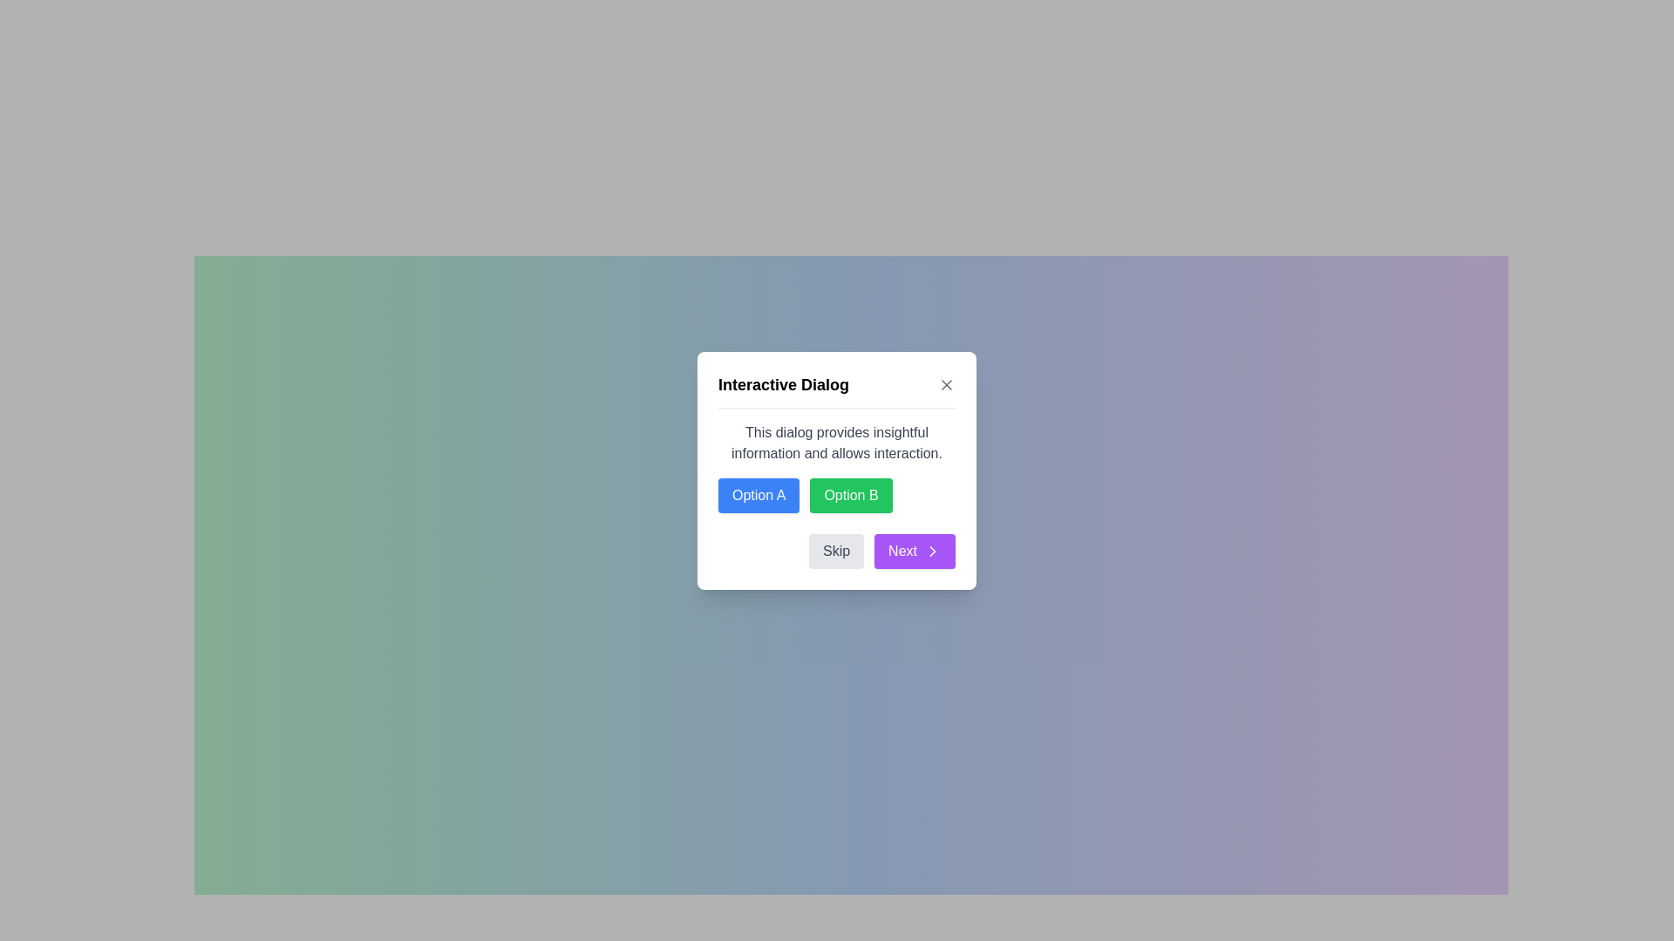  I want to click on title from the Text Label located at the top of the dialog box, which provides context or information about the dialog's purpose, so click(837, 389).